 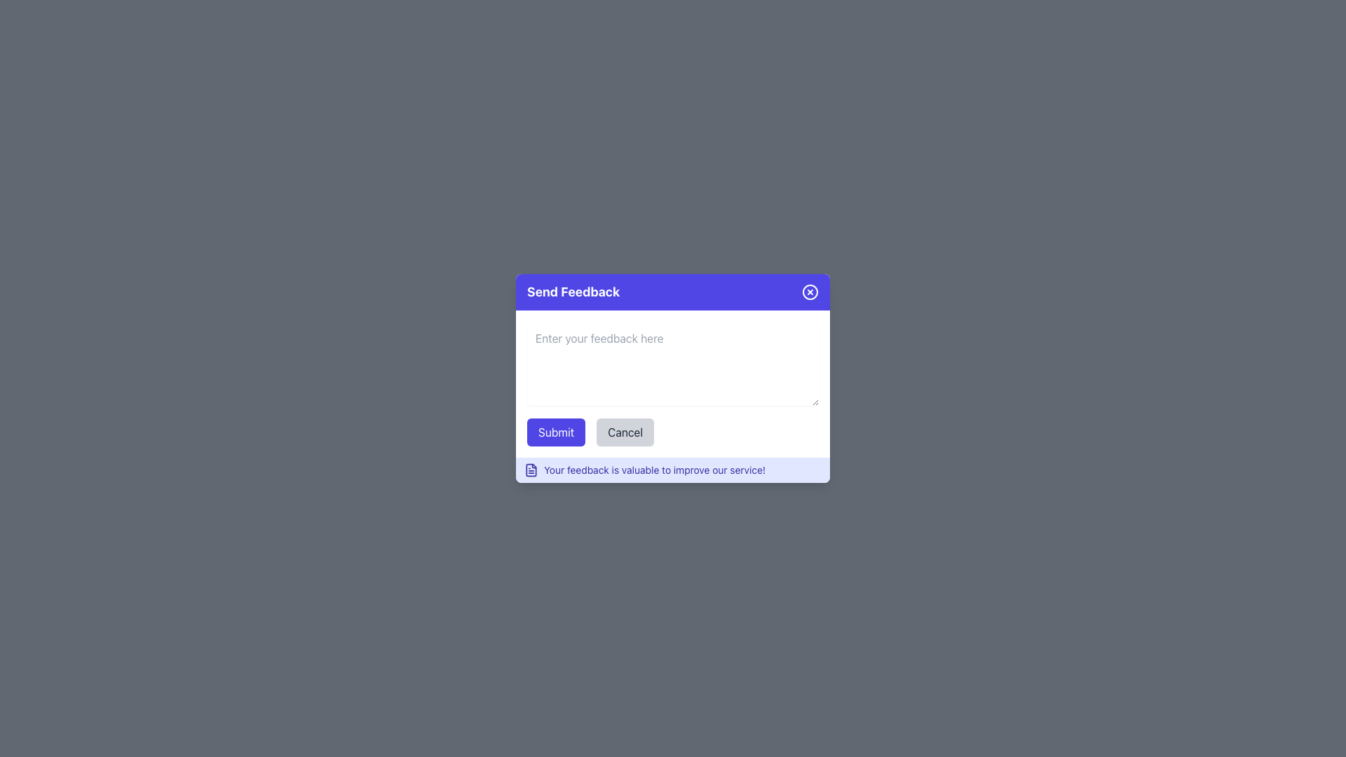 What do you see at coordinates (810, 291) in the screenshot?
I see `the 'Close' or 'Cancel' button located in the top-right corner of the purple header titled 'Send Feedback'` at bounding box center [810, 291].